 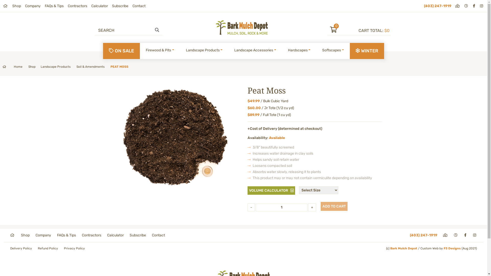 What do you see at coordinates (63, 248) in the screenshot?
I see `'Privacy Policy'` at bounding box center [63, 248].